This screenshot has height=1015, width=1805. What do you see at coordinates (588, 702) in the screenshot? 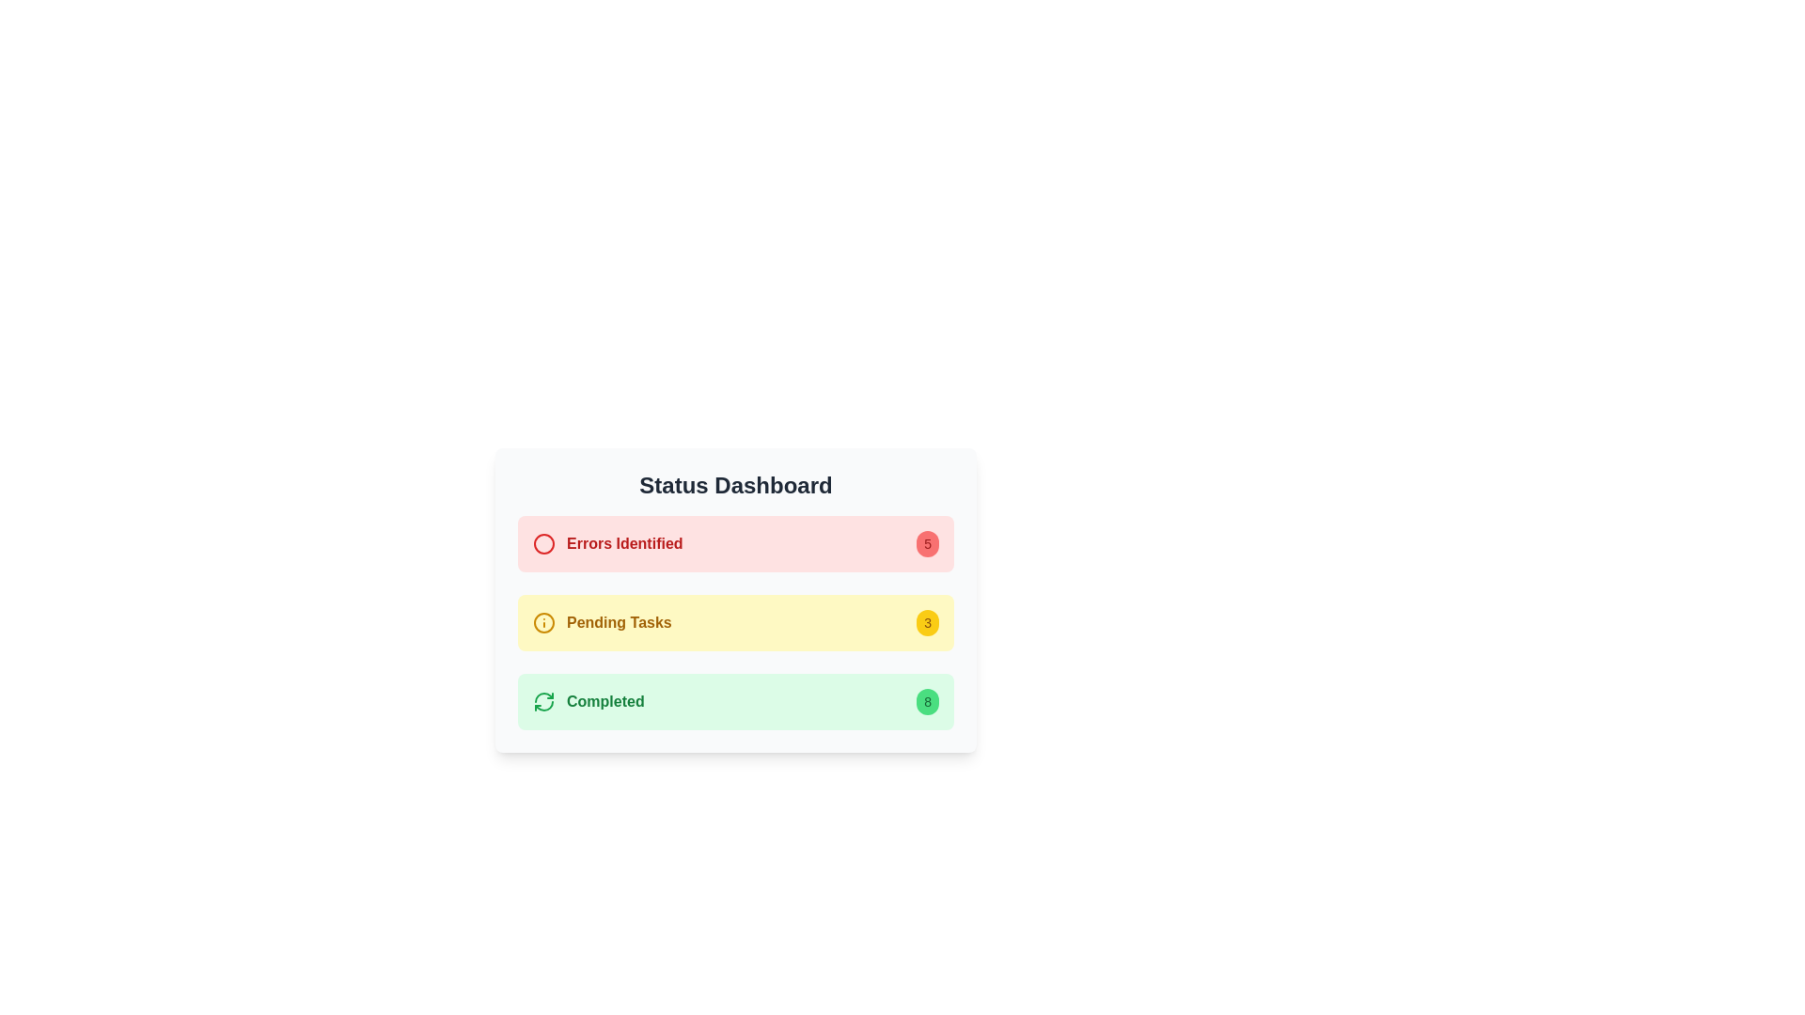
I see `the 'Completed' text label with a green circular arrow icon, located at the bottom of the status indicators list` at bounding box center [588, 702].